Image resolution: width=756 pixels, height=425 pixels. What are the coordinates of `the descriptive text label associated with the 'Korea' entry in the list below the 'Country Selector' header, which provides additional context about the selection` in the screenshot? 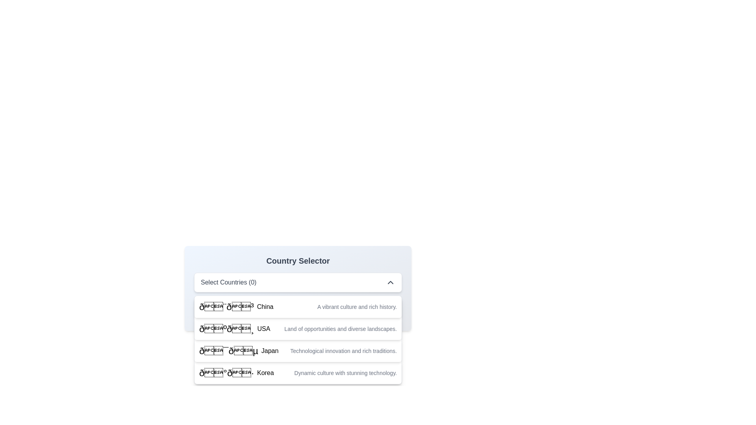 It's located at (345, 373).